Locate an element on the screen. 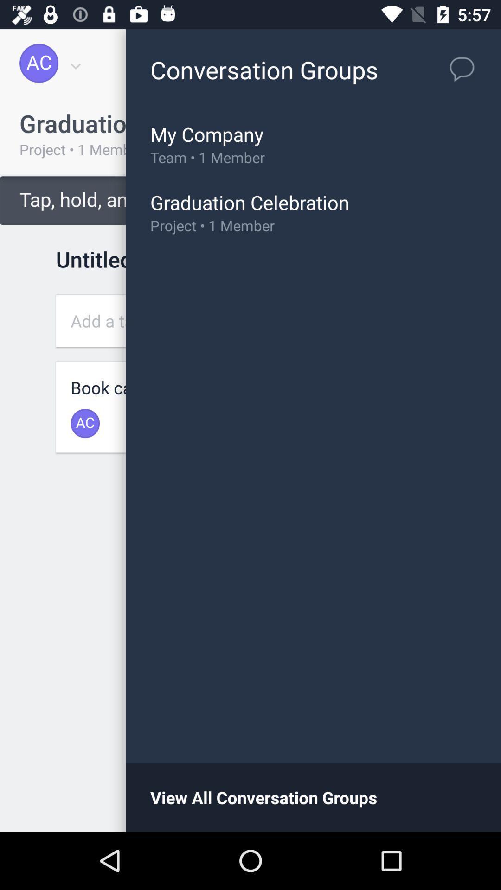  the minus icon is located at coordinates (444, 773).